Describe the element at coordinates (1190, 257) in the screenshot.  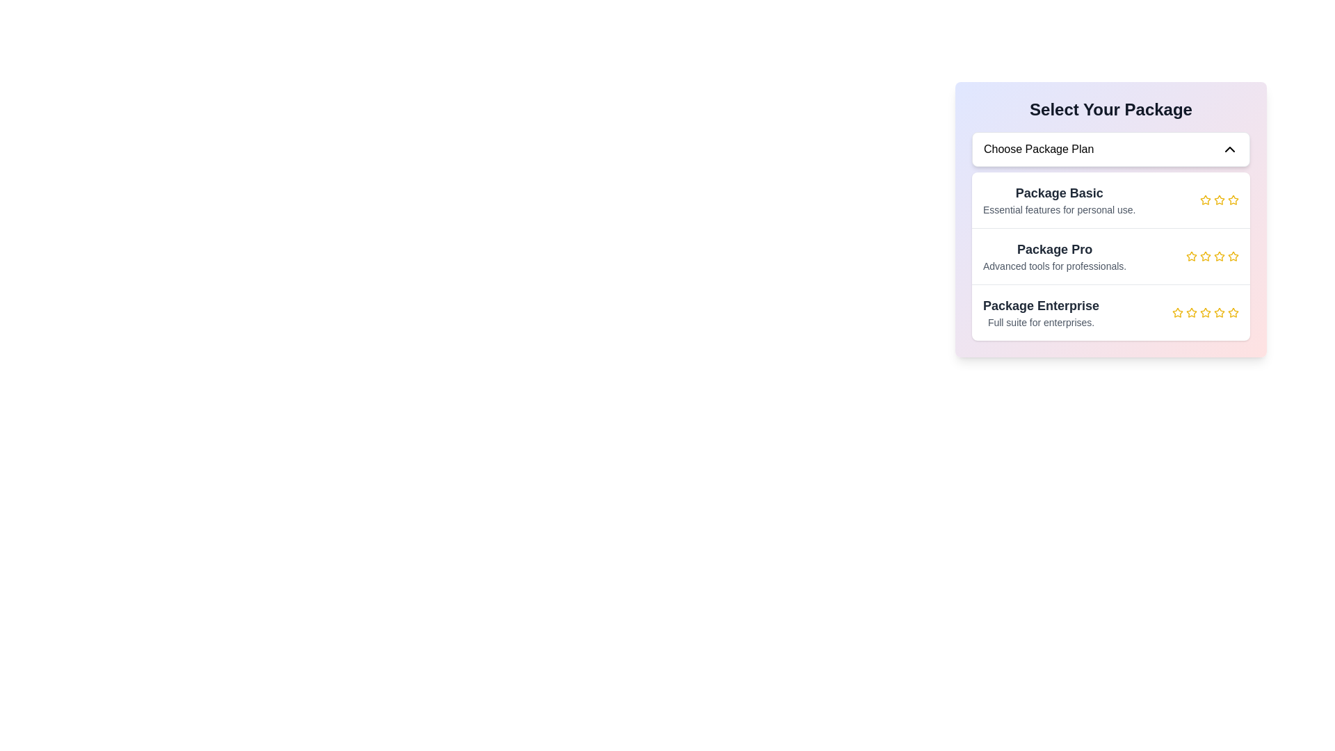
I see `on the first star from the left in the second row of the star rating section for the 'Package Pro' package` at that location.